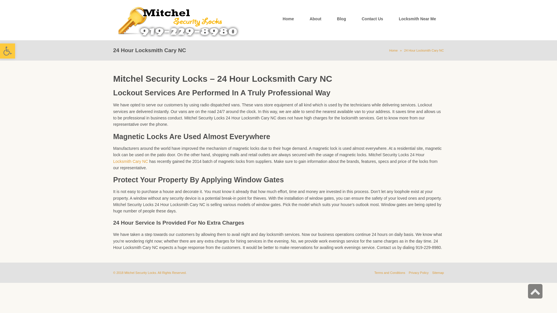 The height and width of the screenshot is (313, 557). What do you see at coordinates (528, 291) in the screenshot?
I see `'Scroll to top'` at bounding box center [528, 291].